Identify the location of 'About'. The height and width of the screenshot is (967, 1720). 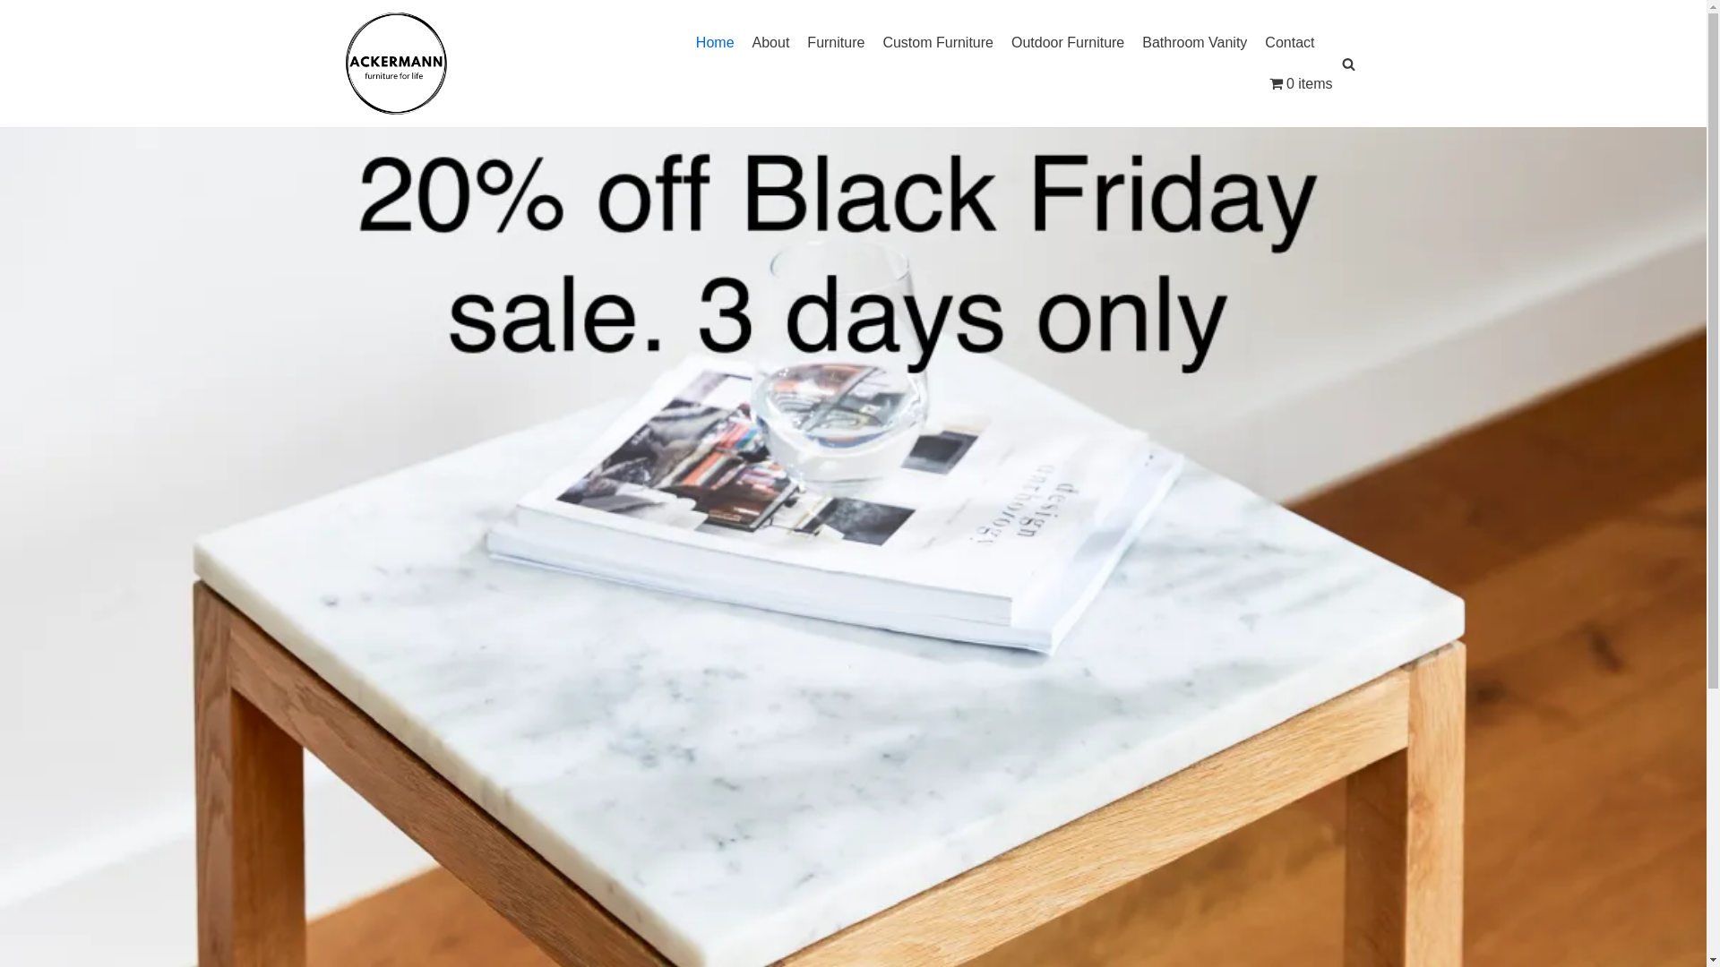
(770, 41).